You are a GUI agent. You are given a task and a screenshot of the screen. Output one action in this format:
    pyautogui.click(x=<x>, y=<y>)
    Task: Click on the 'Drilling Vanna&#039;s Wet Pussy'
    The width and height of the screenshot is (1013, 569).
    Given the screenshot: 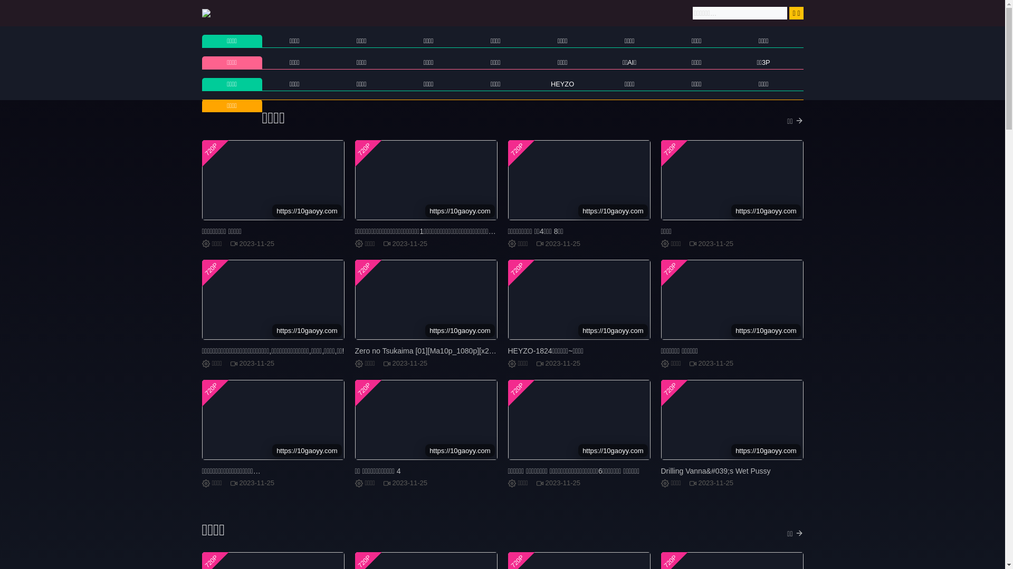 What is the action you would take?
    pyautogui.click(x=660, y=470)
    